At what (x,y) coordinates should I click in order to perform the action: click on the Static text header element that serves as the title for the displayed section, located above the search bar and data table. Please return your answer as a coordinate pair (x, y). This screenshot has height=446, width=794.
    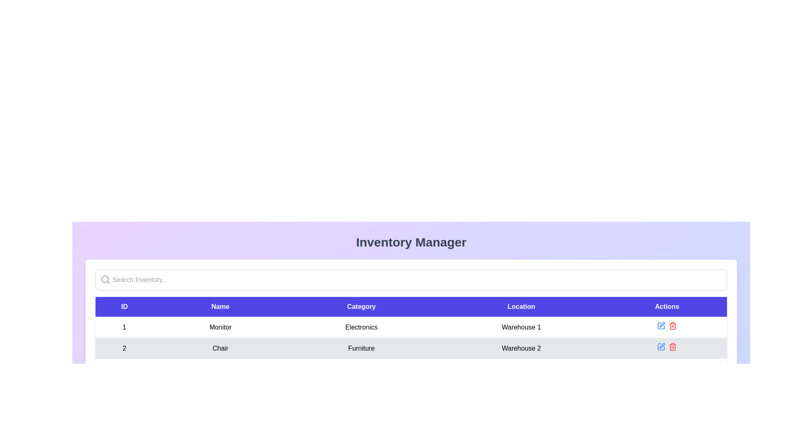
    Looking at the image, I should click on (411, 242).